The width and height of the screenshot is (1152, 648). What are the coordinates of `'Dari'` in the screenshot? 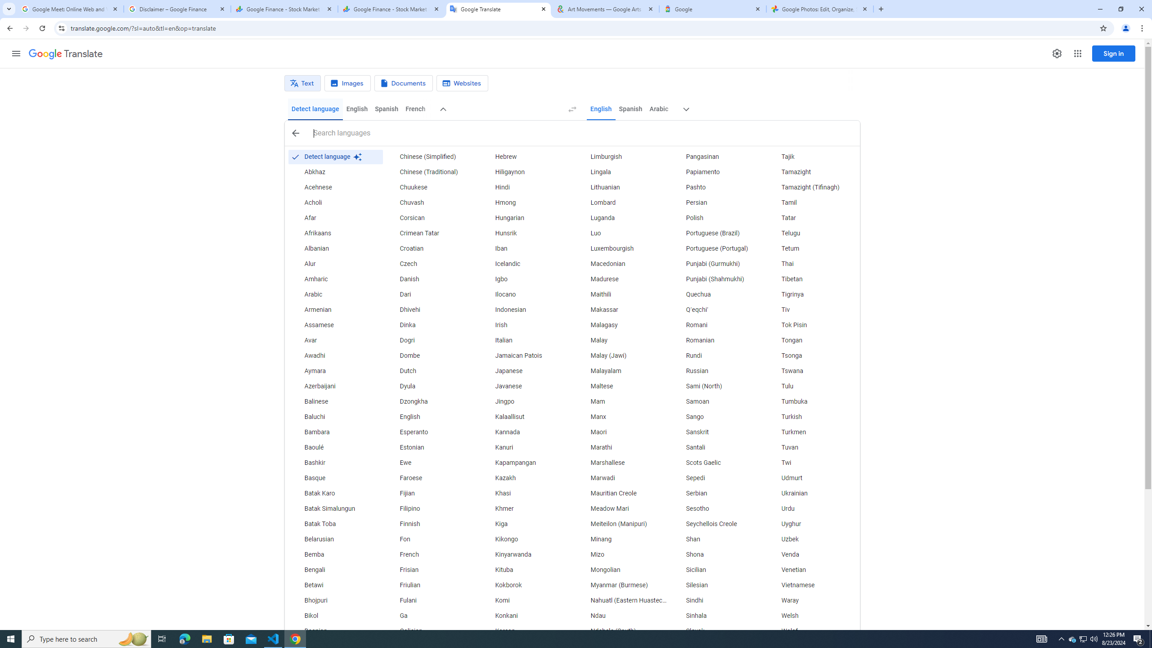 It's located at (431, 294).